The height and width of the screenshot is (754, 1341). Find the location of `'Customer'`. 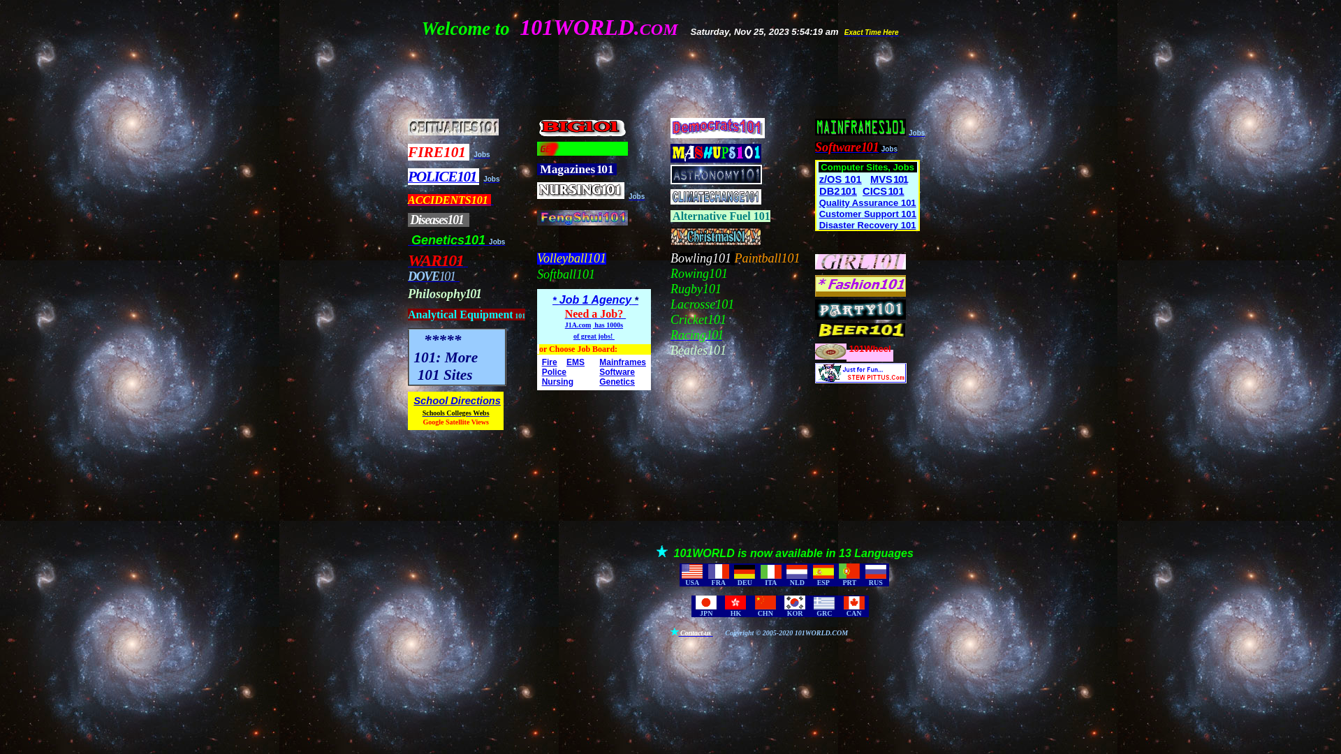

'Customer' is located at coordinates (840, 213).